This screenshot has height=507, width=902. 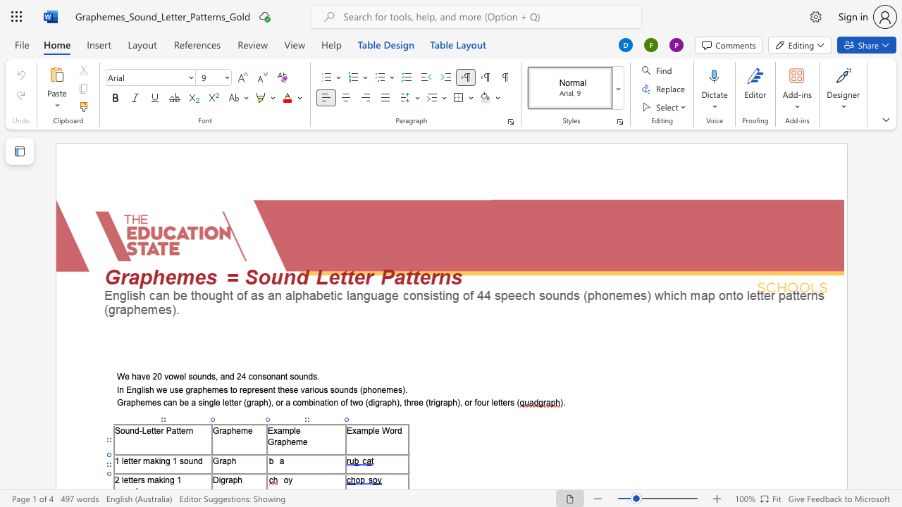 I want to click on the 1th character "a" in the text, so click(x=223, y=461).